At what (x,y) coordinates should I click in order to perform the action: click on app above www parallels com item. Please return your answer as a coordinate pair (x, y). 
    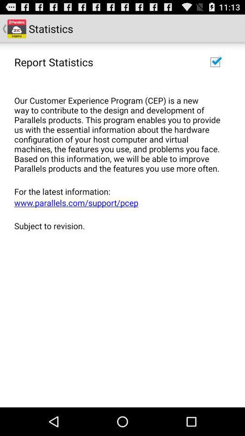
    Looking at the image, I should click on (119, 191).